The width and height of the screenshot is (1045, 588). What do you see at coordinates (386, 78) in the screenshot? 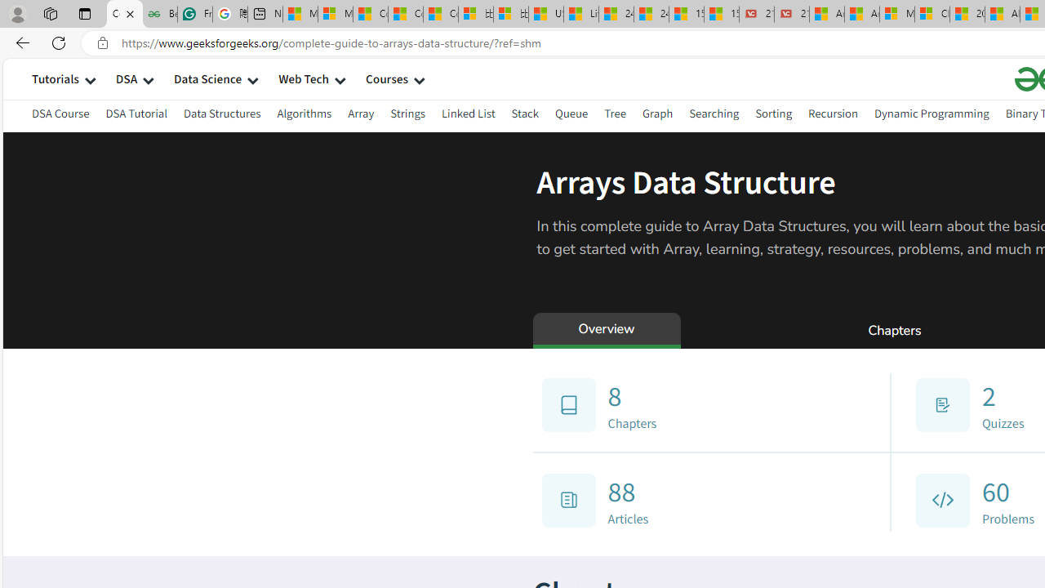
I see `'Courses'` at bounding box center [386, 78].